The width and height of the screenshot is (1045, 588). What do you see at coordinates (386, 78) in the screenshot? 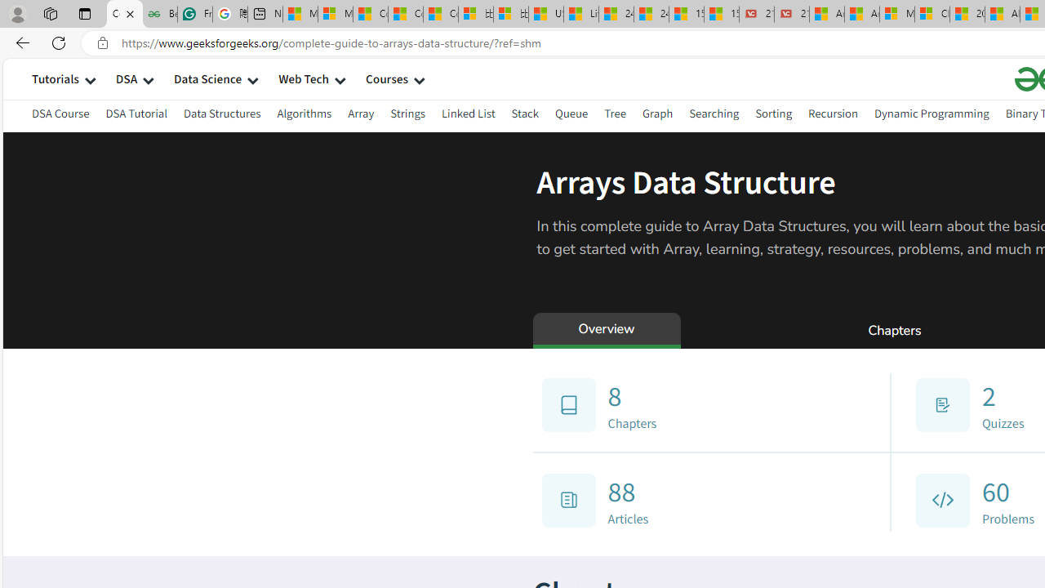
I see `'Courses'` at bounding box center [386, 78].